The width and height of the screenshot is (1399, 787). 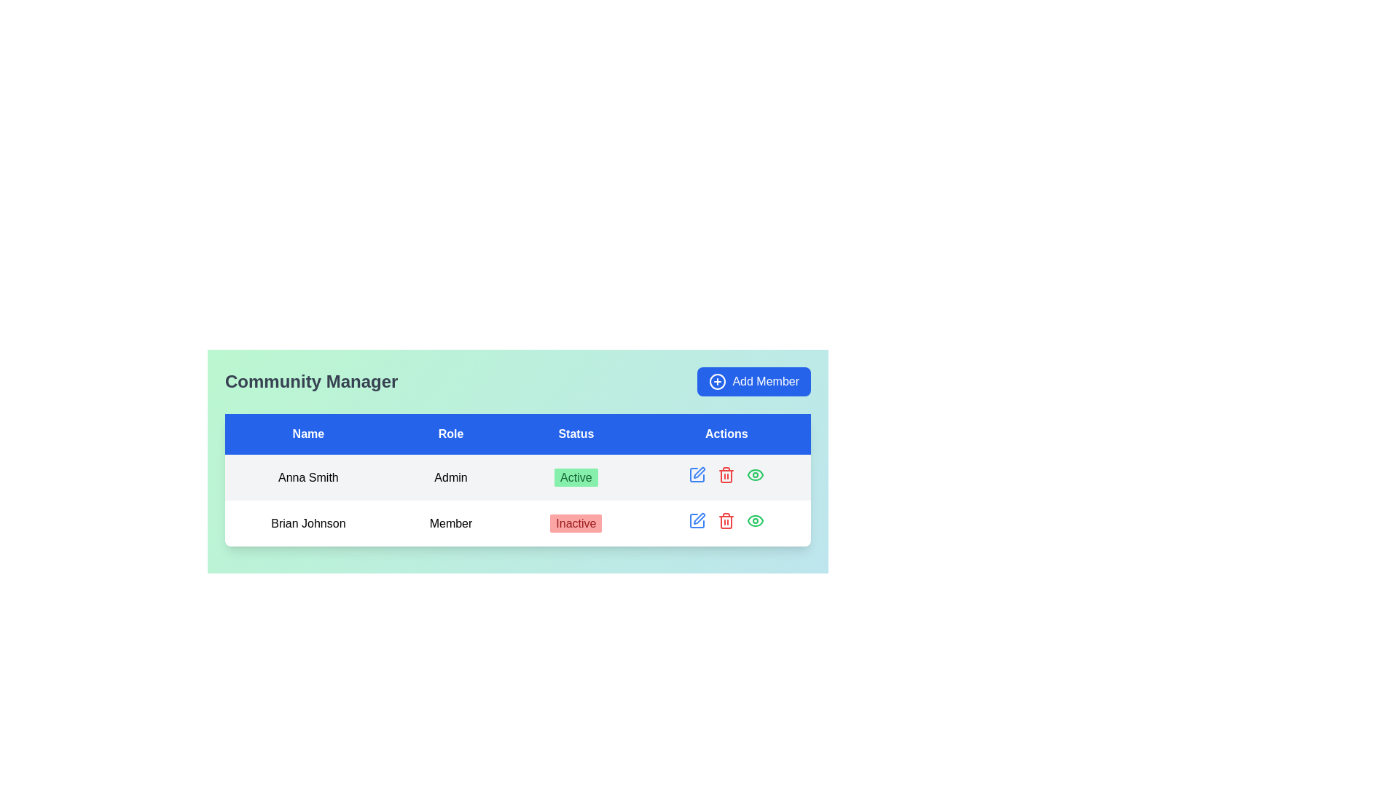 What do you see at coordinates (450, 522) in the screenshot?
I see `the 'Member' label in the role column of the data table associated with 'Brian Johnson'` at bounding box center [450, 522].